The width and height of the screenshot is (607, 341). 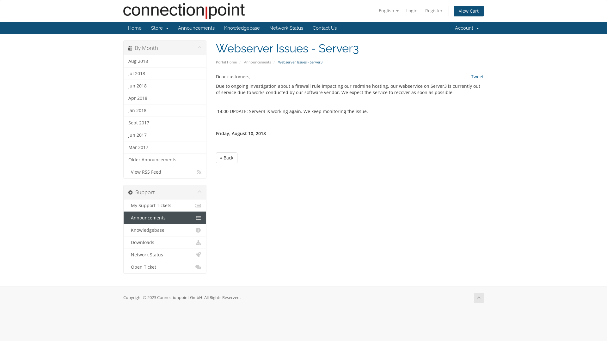 I want to click on 'Apr 2018', so click(x=165, y=98).